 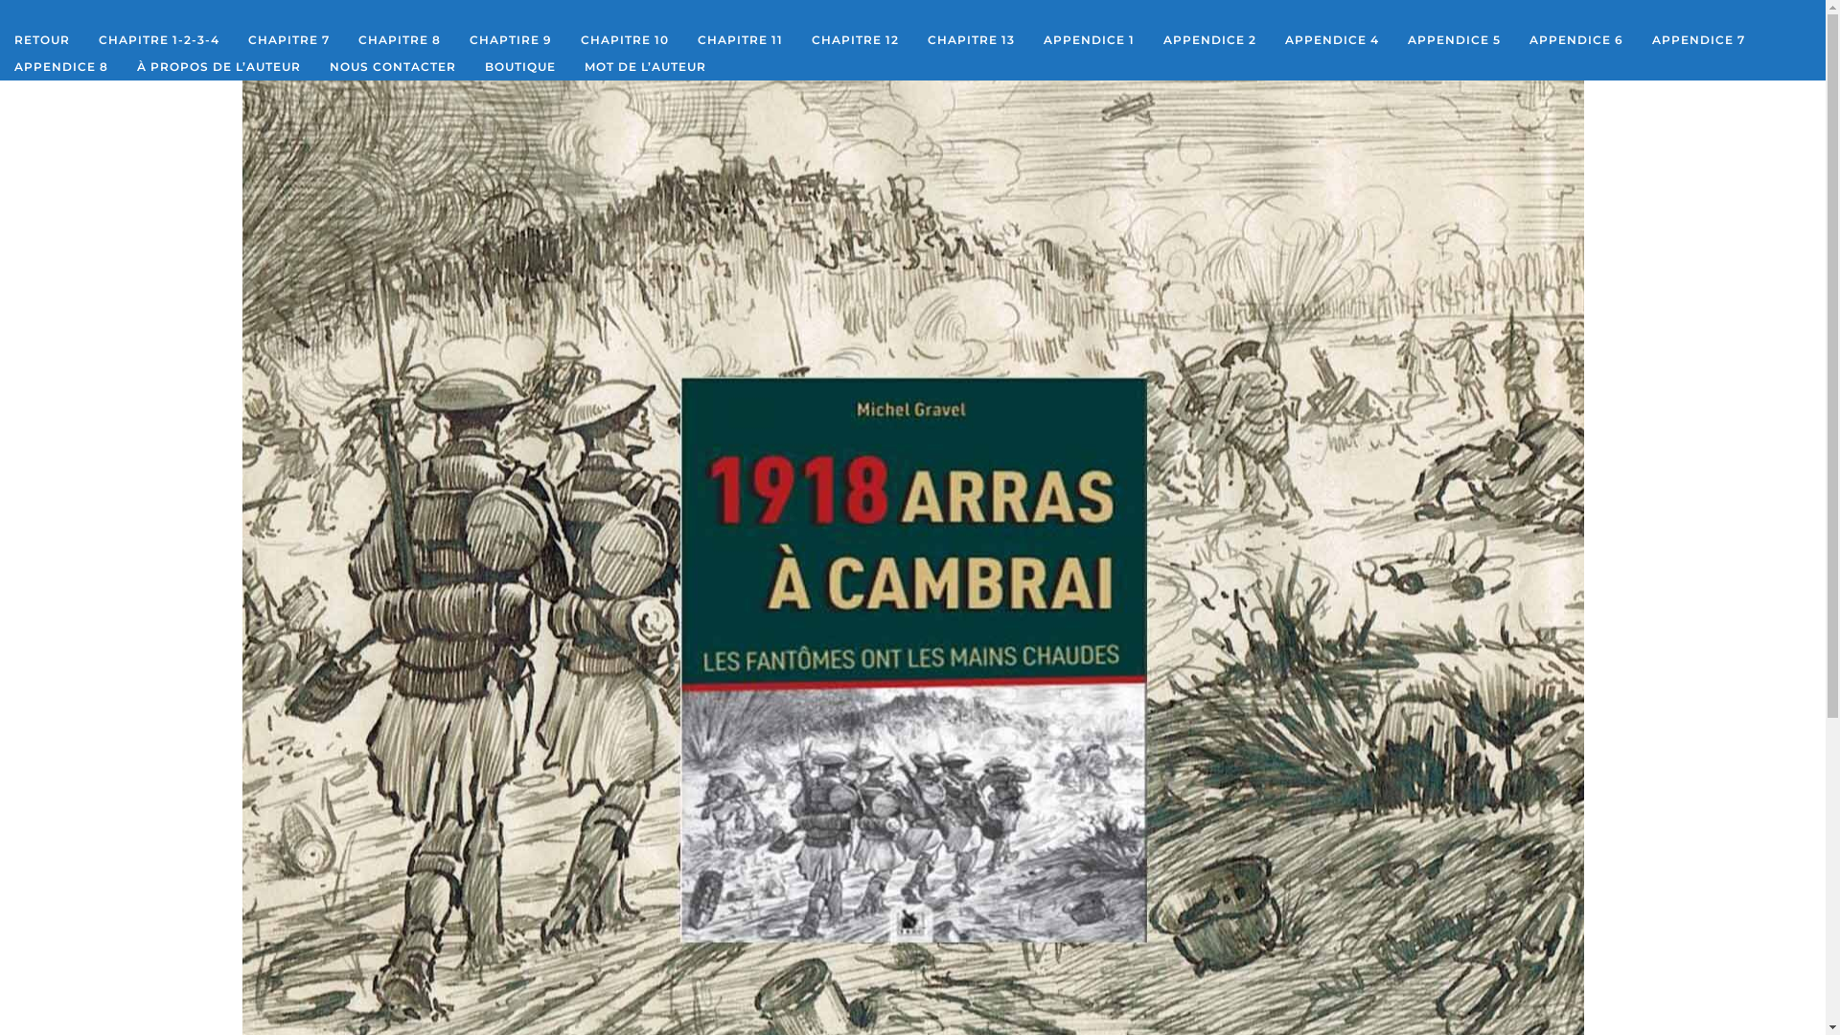 What do you see at coordinates (159, 40) in the screenshot?
I see `'CHAPITRE 1-2-3-4'` at bounding box center [159, 40].